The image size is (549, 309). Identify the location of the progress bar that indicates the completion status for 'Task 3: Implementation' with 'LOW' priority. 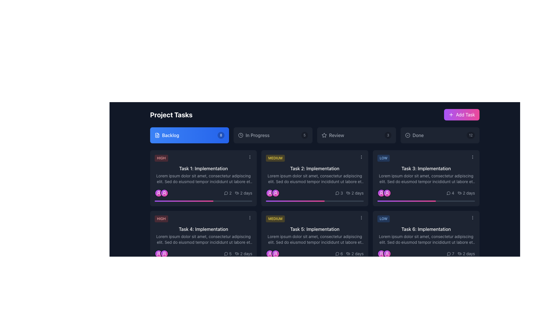
(406, 201).